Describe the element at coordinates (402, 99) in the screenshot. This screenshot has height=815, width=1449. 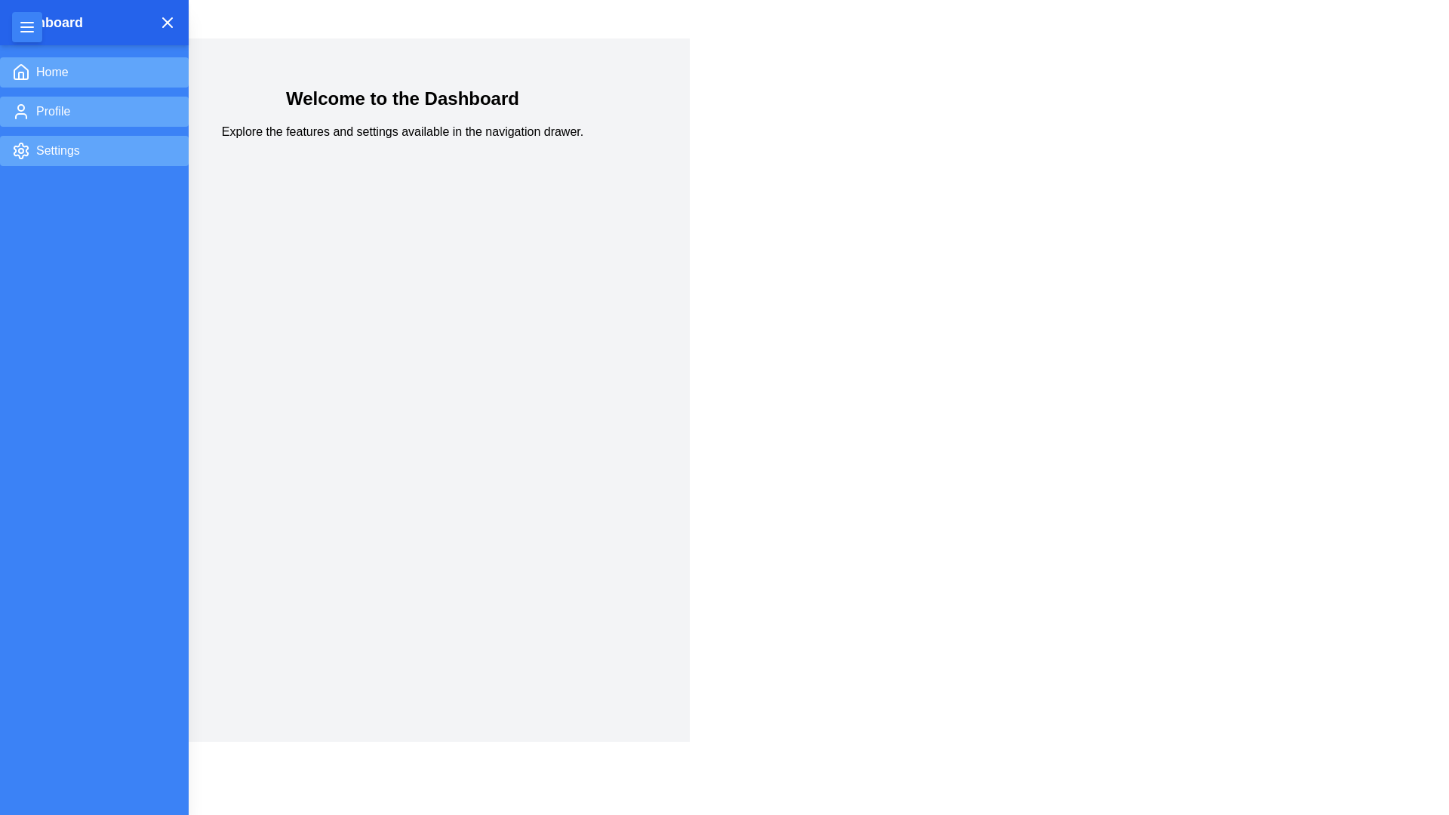
I see `the prominent text header that says 'Welcome to the Dashboard', which is styled with bold weight and large font size` at that location.